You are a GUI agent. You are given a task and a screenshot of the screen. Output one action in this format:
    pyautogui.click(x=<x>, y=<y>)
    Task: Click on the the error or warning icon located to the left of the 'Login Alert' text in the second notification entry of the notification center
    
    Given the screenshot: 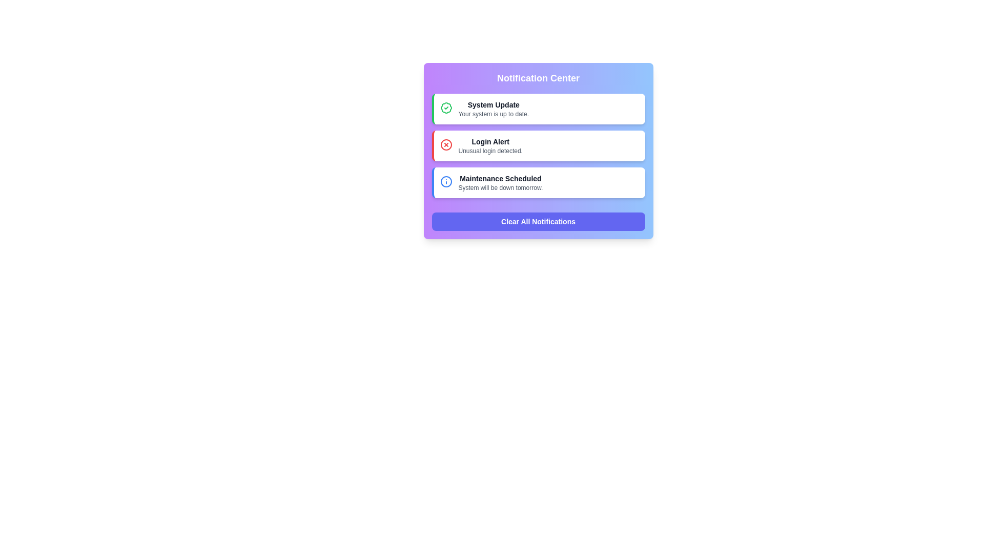 What is the action you would take?
    pyautogui.click(x=446, y=144)
    